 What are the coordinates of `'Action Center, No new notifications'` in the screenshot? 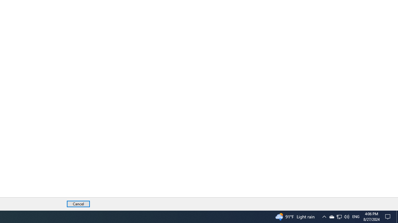 It's located at (389, 216).